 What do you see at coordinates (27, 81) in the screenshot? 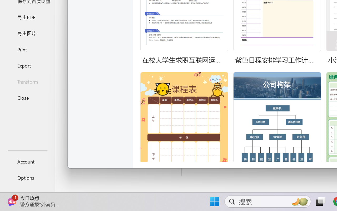
I see `'Transform'` at bounding box center [27, 81].